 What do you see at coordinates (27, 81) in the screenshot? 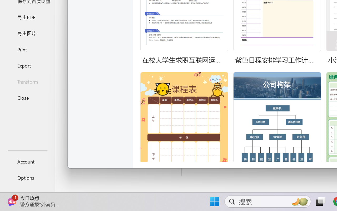
I see `'Transform'` at bounding box center [27, 81].